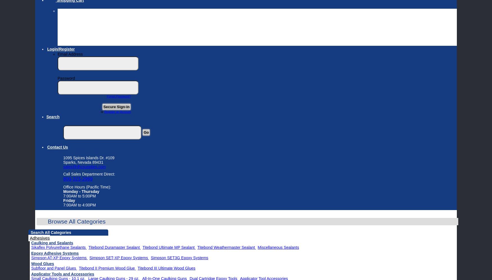 The width and height of the screenshot is (492, 280). Describe the element at coordinates (169, 21) in the screenshot. I see `'If you have emptied your cart and have questions please do not hesitate to call our sales department direct at 800-323-2999.'` at that location.